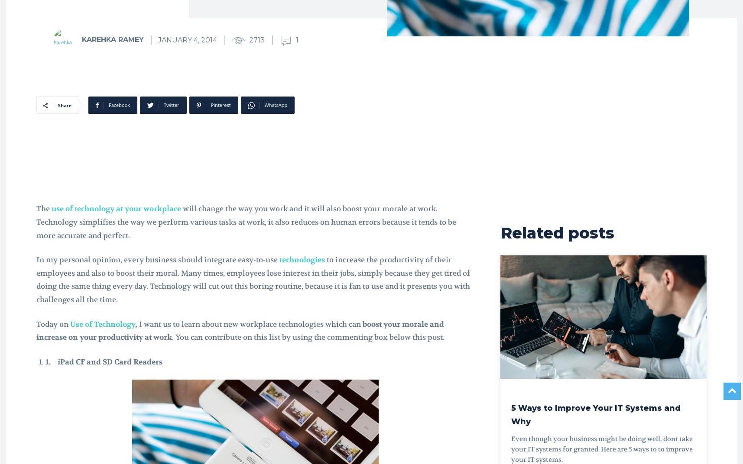  I want to click on '. You can contribute on this list by using the commenting box below this post.', so click(308, 337).